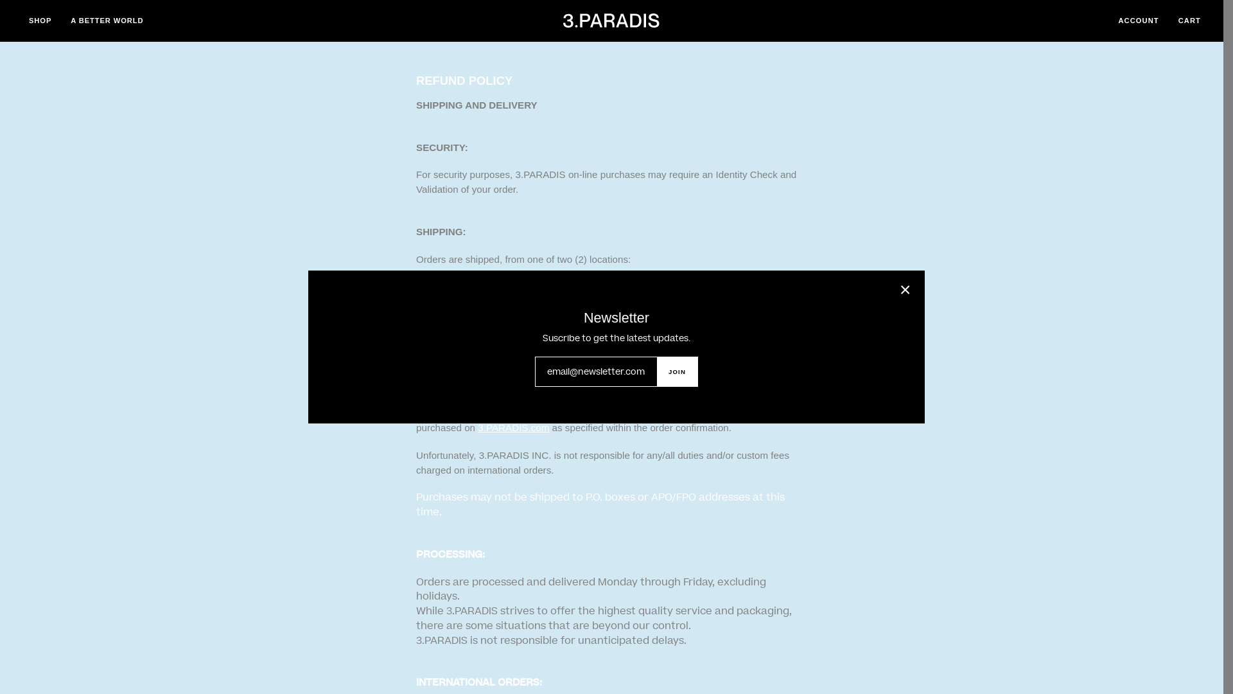 The height and width of the screenshot is (694, 1233). What do you see at coordinates (1189, 21) in the screenshot?
I see `'CART'` at bounding box center [1189, 21].